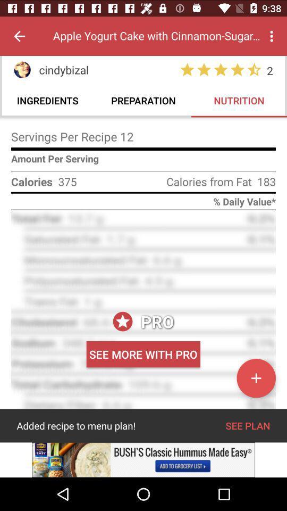 The width and height of the screenshot is (287, 511). What do you see at coordinates (256, 378) in the screenshot?
I see `the add icon` at bounding box center [256, 378].